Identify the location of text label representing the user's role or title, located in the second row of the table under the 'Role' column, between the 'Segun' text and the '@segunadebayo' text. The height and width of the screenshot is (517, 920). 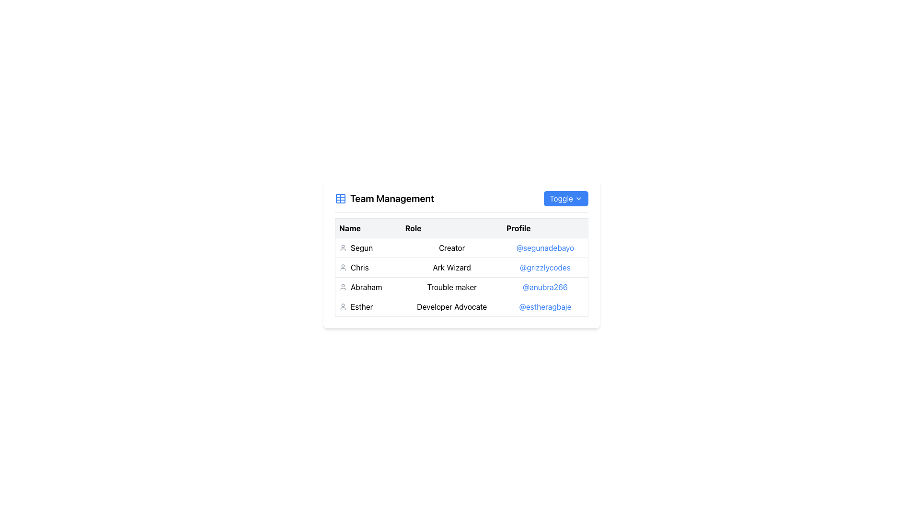
(461, 247).